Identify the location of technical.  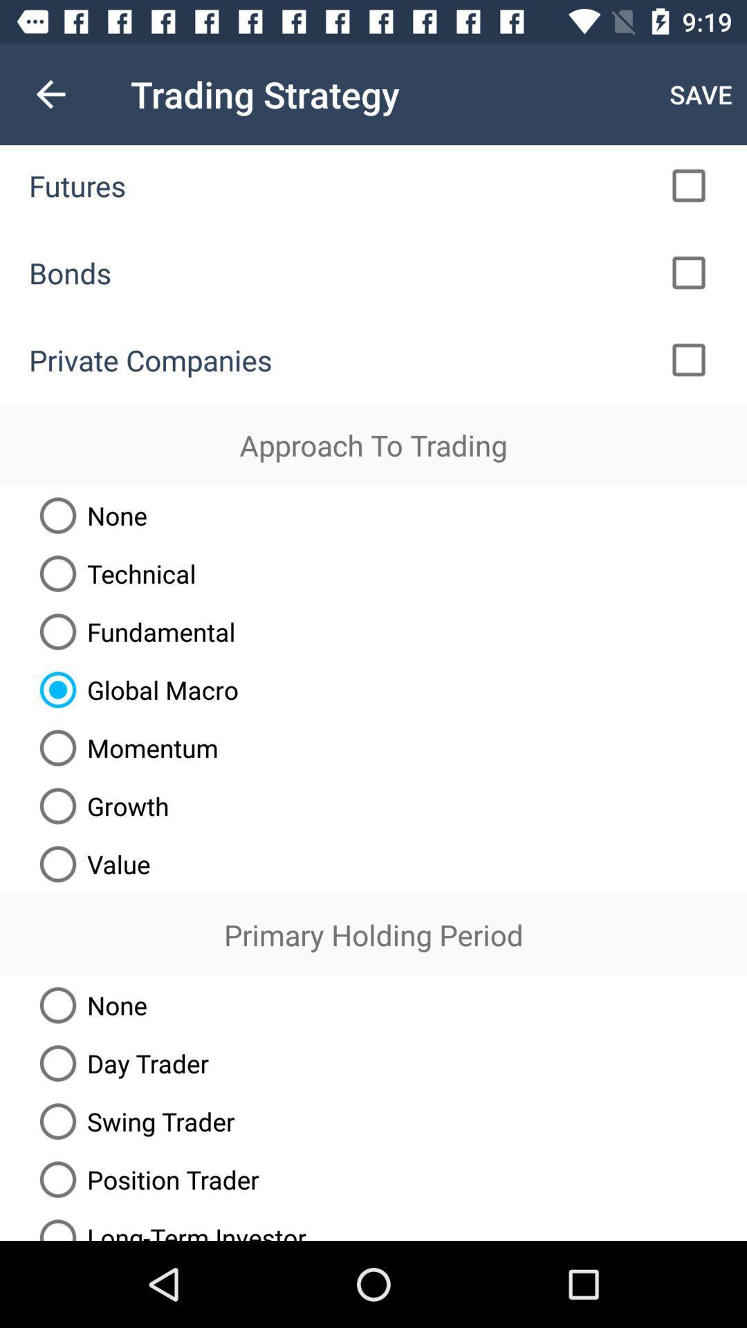
(111, 573).